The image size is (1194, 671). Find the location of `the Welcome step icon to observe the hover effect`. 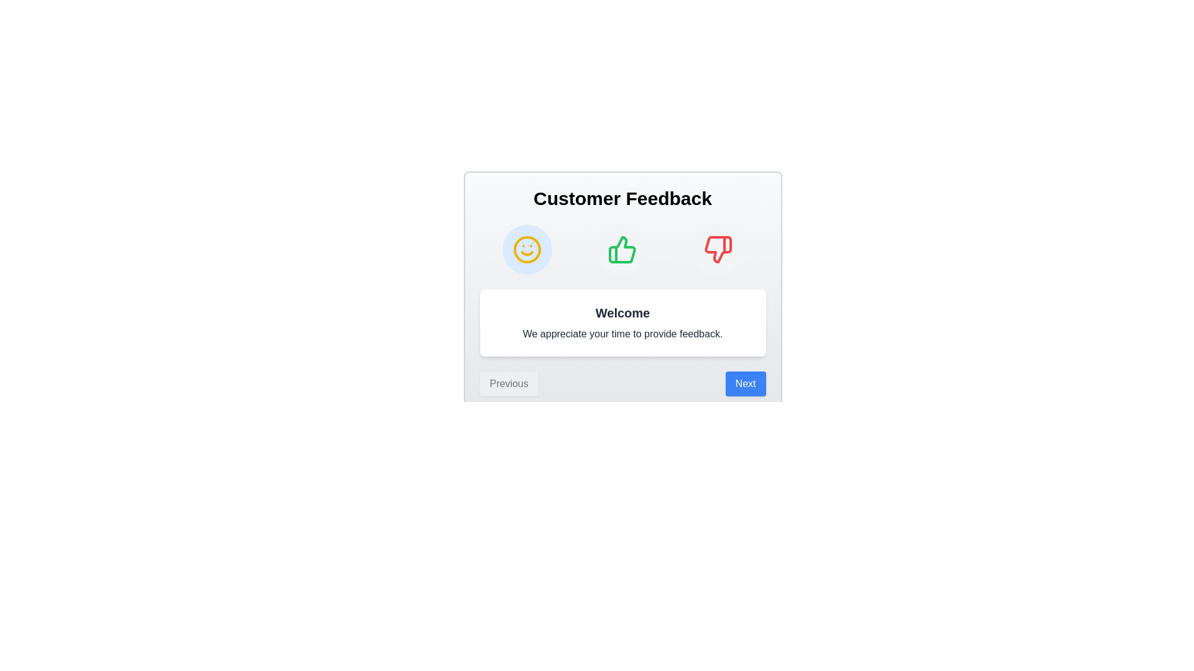

the Welcome step icon to observe the hover effect is located at coordinates (527, 249).